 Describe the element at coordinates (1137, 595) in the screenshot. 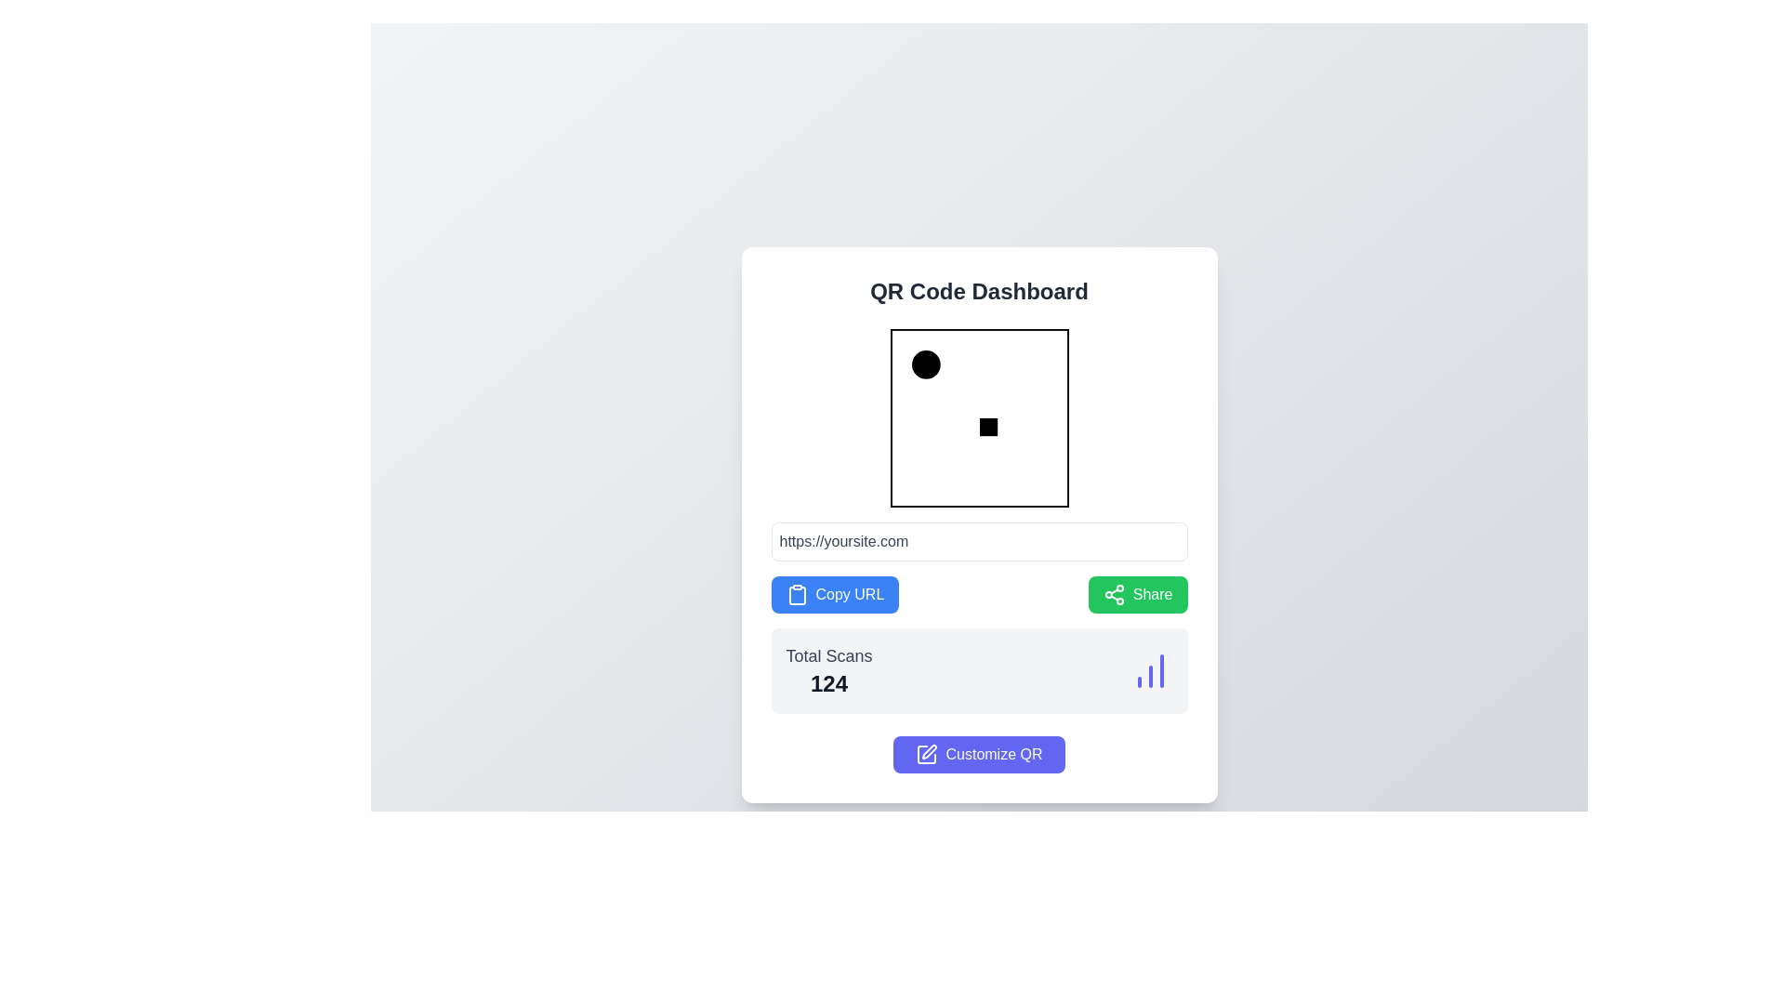

I see `the green rectangular button labeled 'Share'` at that location.